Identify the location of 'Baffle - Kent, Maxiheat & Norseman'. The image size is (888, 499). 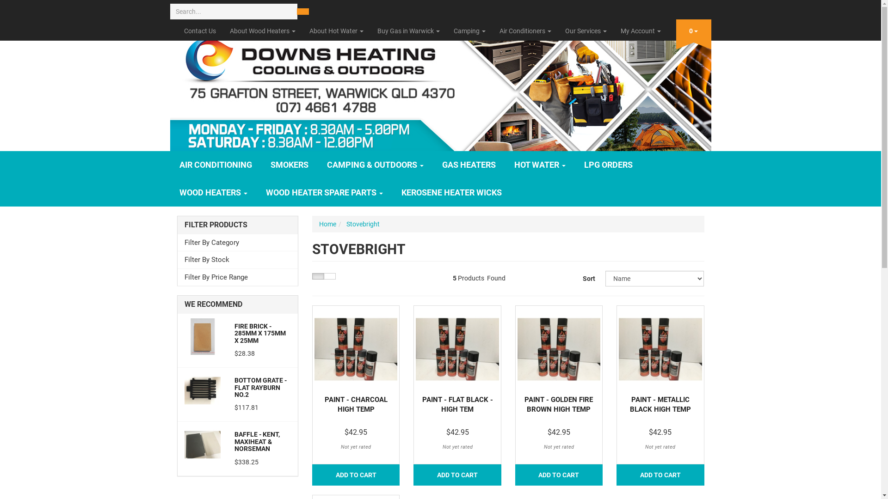
(184, 443).